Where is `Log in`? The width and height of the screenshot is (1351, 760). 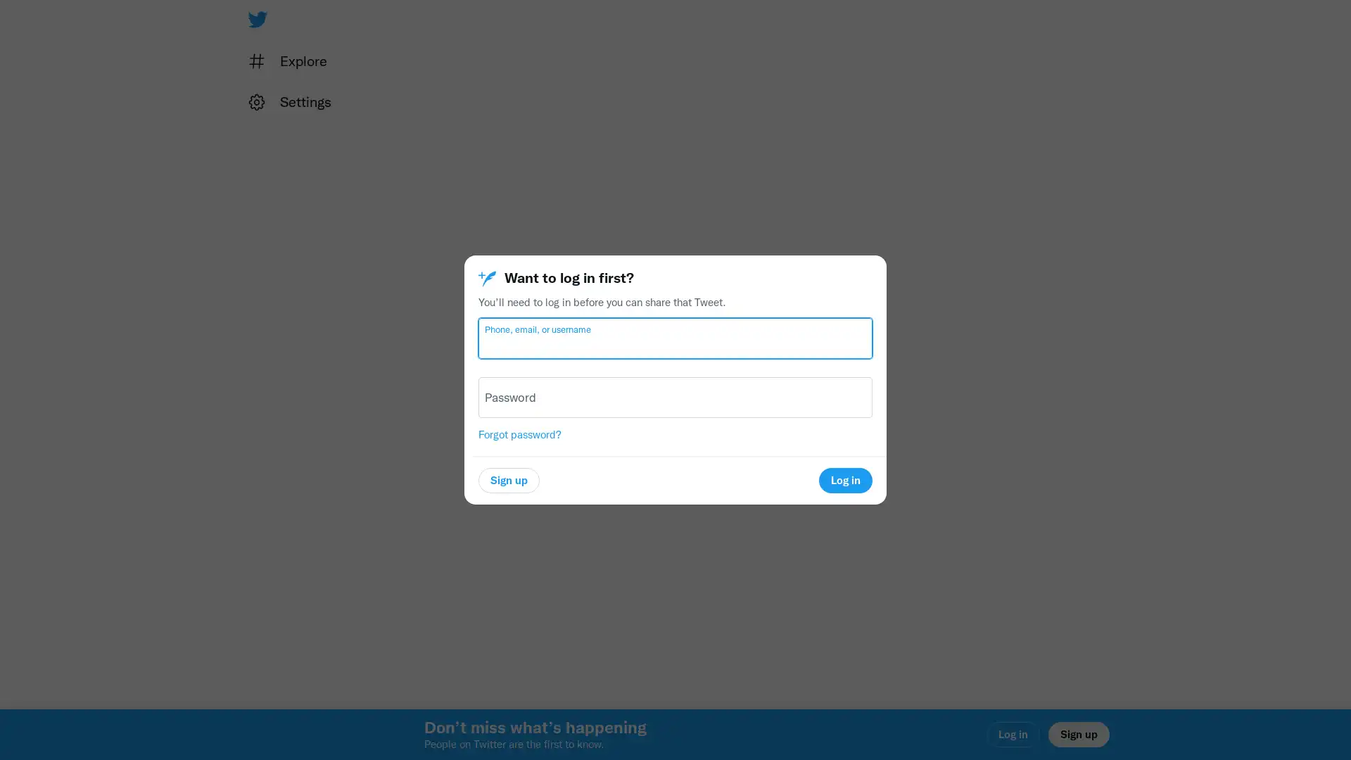
Log in is located at coordinates (844, 479).